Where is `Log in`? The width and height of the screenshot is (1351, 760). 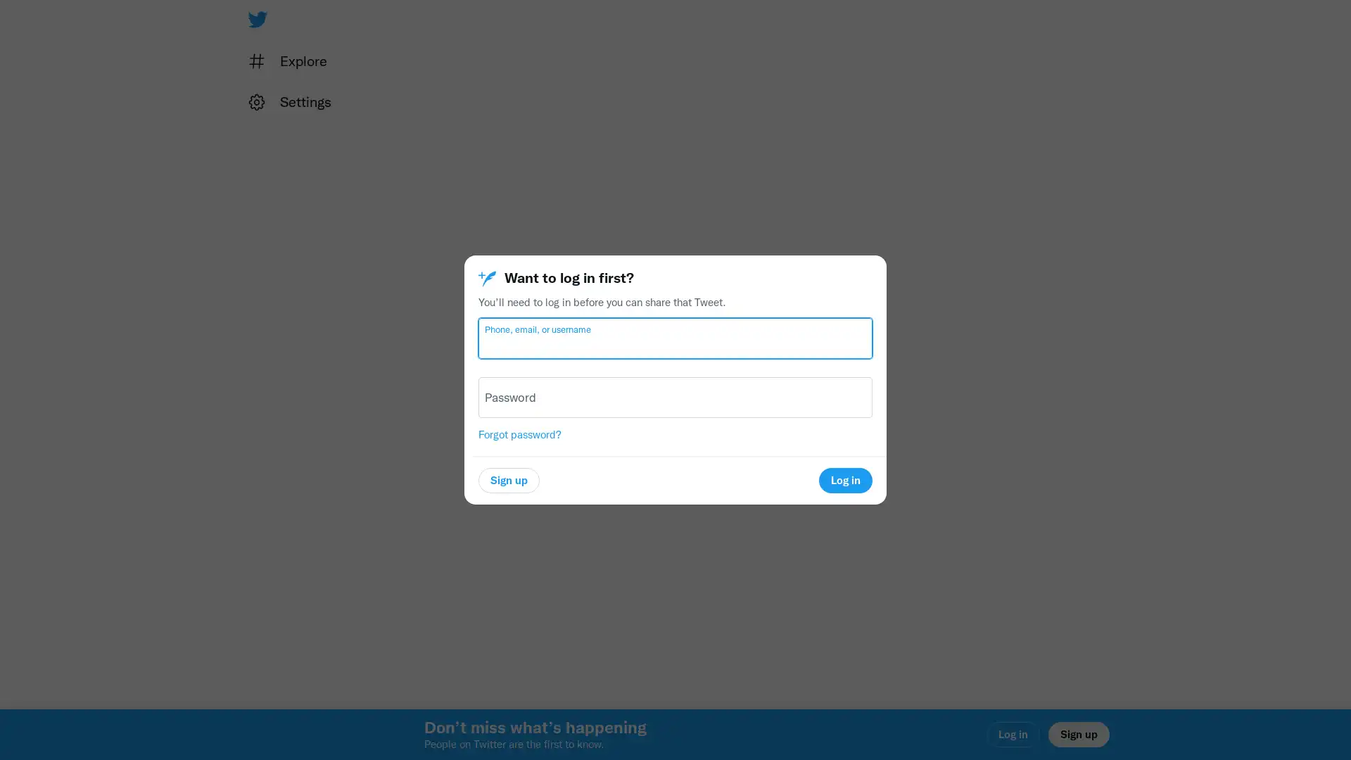
Log in is located at coordinates (844, 479).